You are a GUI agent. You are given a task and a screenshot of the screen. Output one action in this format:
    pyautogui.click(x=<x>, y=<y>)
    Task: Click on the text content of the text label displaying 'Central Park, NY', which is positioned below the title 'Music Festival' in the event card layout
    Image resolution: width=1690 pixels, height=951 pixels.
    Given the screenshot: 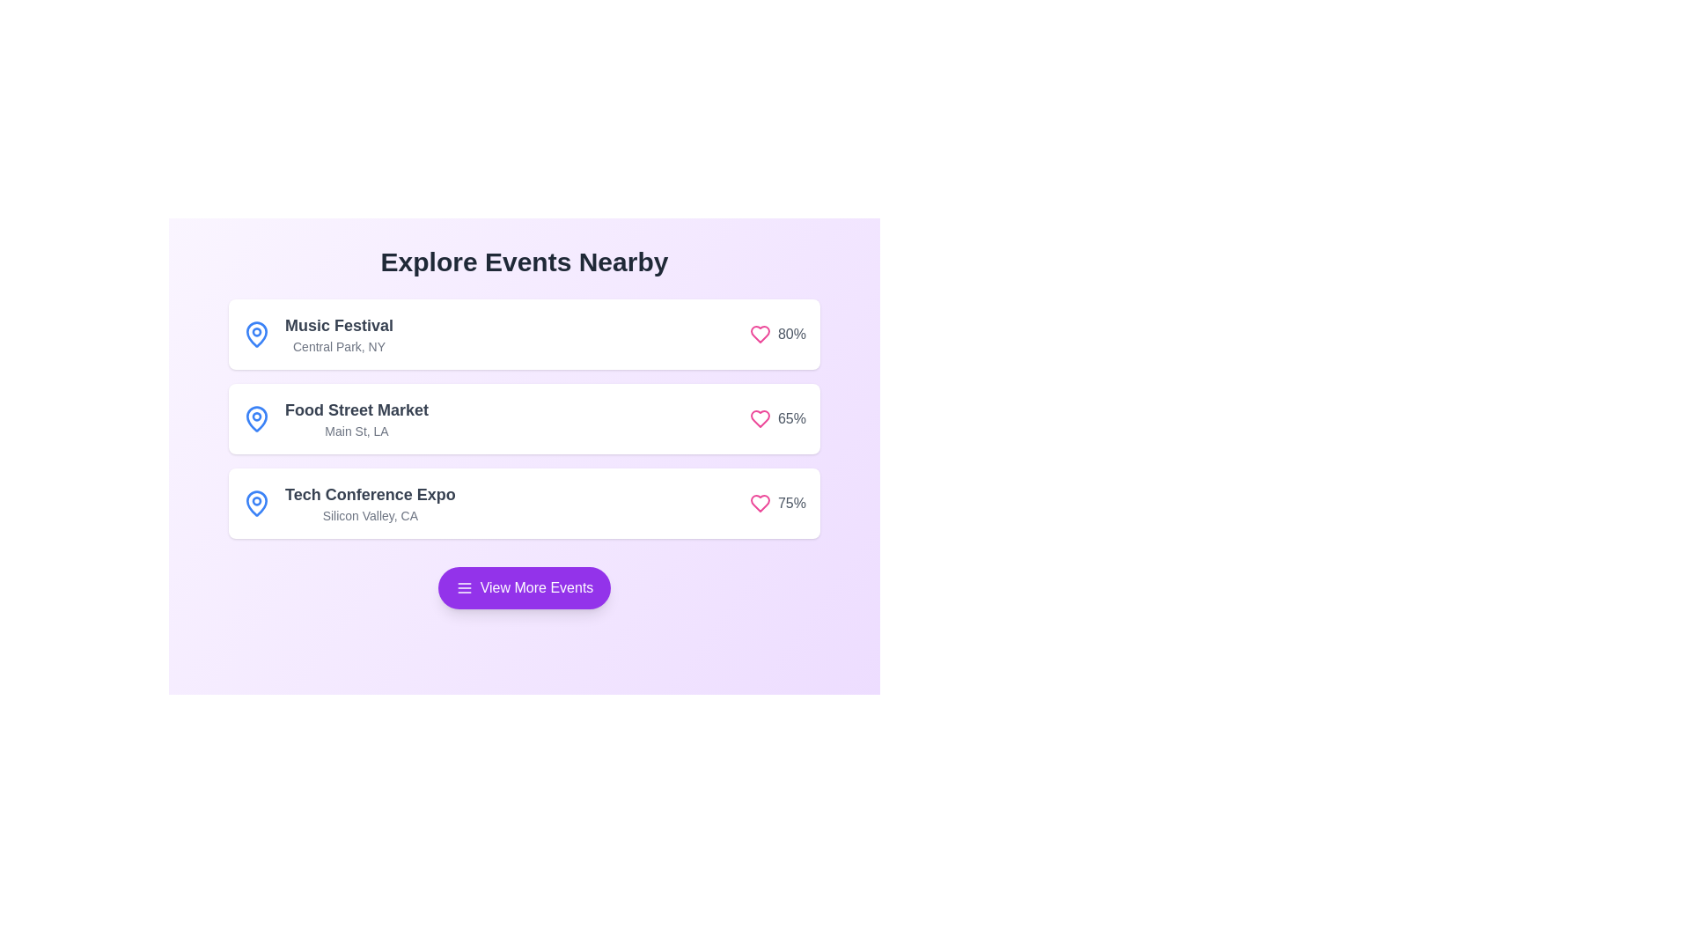 What is the action you would take?
    pyautogui.click(x=339, y=346)
    